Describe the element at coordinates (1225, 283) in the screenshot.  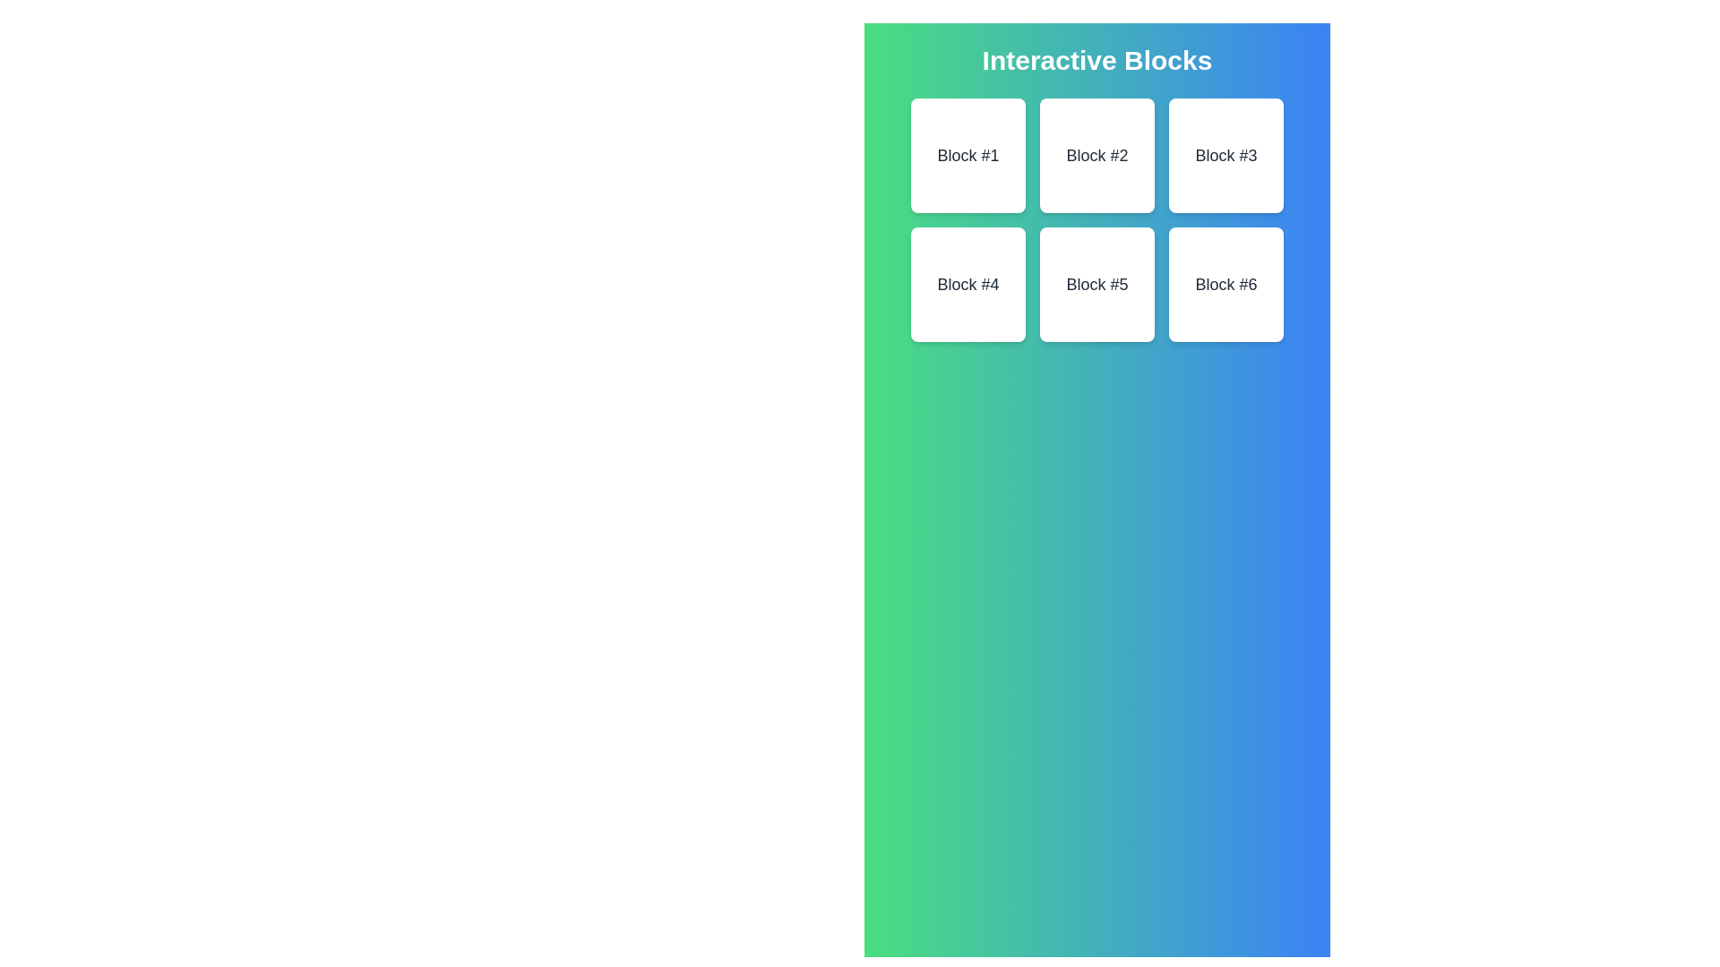
I see `the square-shaped tile labeled 'Block #6' with a white background and gray font, located in the bottom-right corner of the grid layout` at that location.